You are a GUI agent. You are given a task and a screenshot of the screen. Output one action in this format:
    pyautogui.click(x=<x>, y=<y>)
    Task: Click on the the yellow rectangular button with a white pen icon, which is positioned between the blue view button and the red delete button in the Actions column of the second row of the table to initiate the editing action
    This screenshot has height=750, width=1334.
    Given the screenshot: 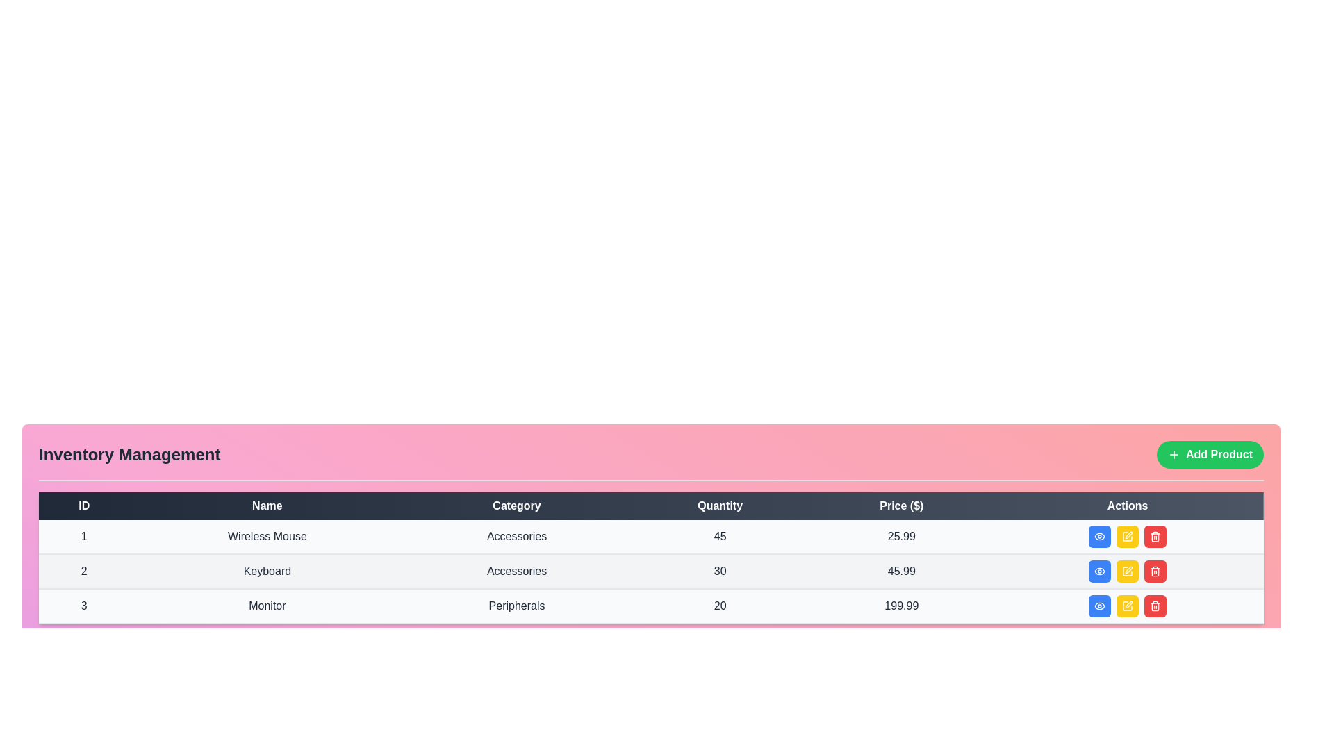 What is the action you would take?
    pyautogui.click(x=1128, y=571)
    